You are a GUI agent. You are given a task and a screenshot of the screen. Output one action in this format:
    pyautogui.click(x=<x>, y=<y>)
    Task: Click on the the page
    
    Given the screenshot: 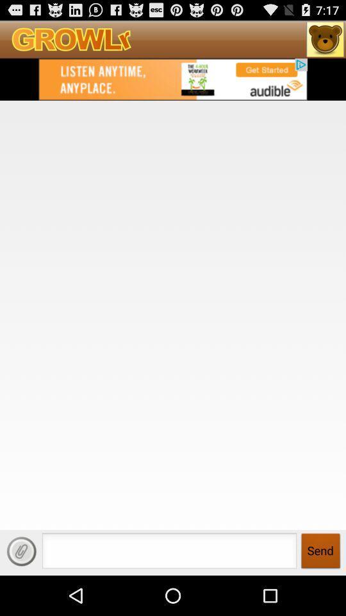 What is the action you would take?
    pyautogui.click(x=21, y=551)
    